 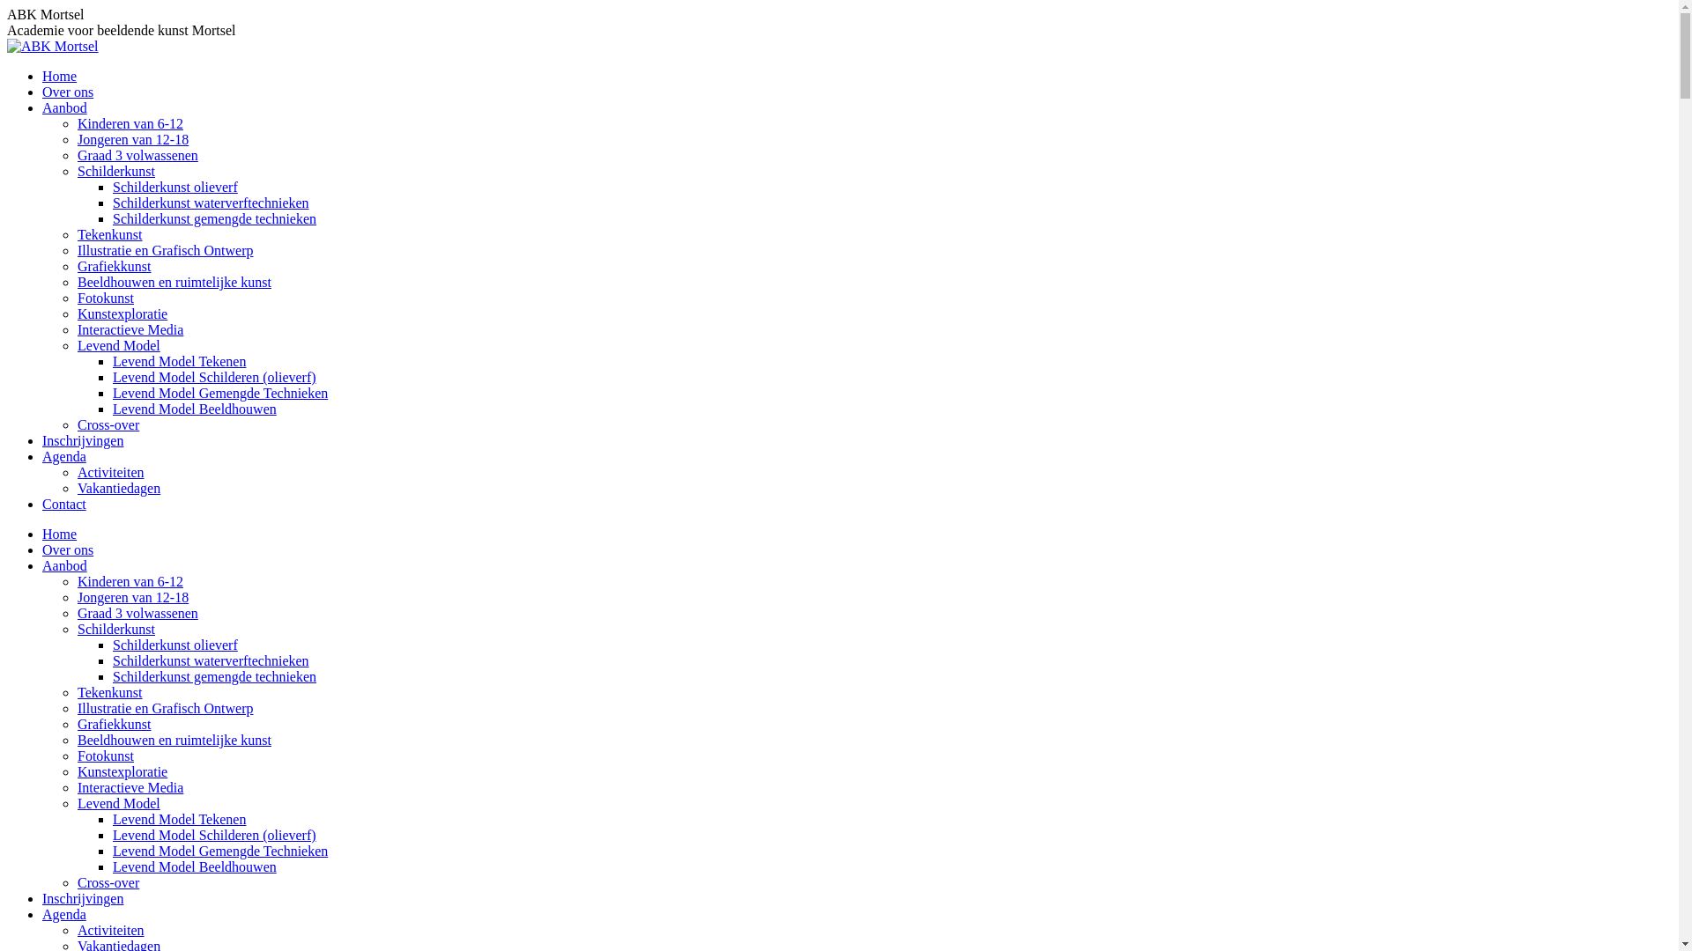 What do you see at coordinates (213, 217) in the screenshot?
I see `'Schilderkunst gemengde technieken'` at bounding box center [213, 217].